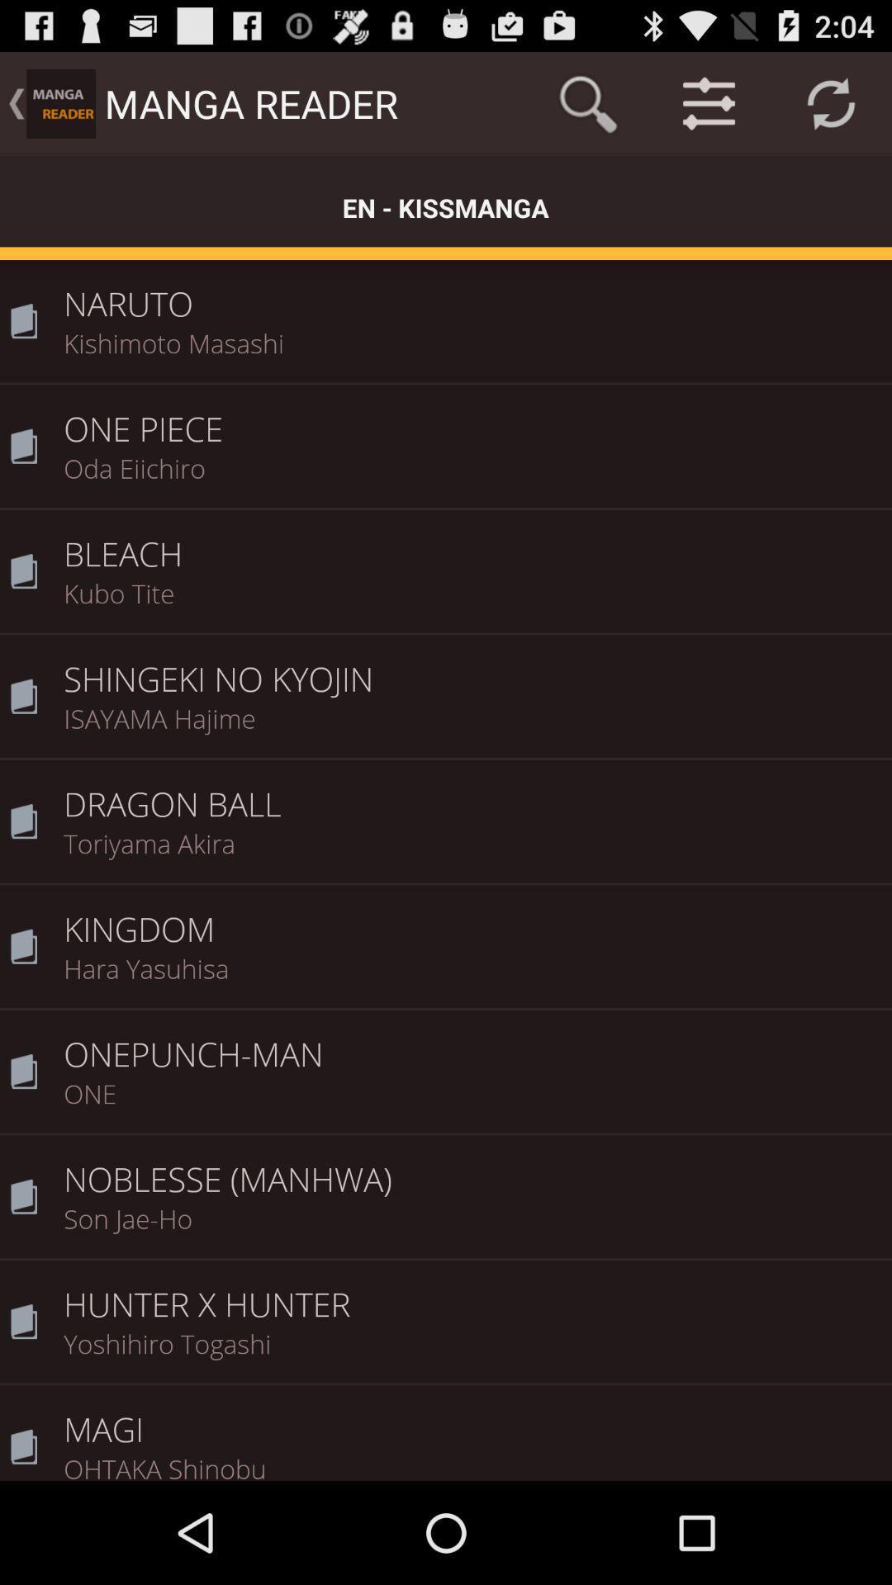 The width and height of the screenshot is (892, 1585). I want to click on icon above the naruto item, so click(831, 102).